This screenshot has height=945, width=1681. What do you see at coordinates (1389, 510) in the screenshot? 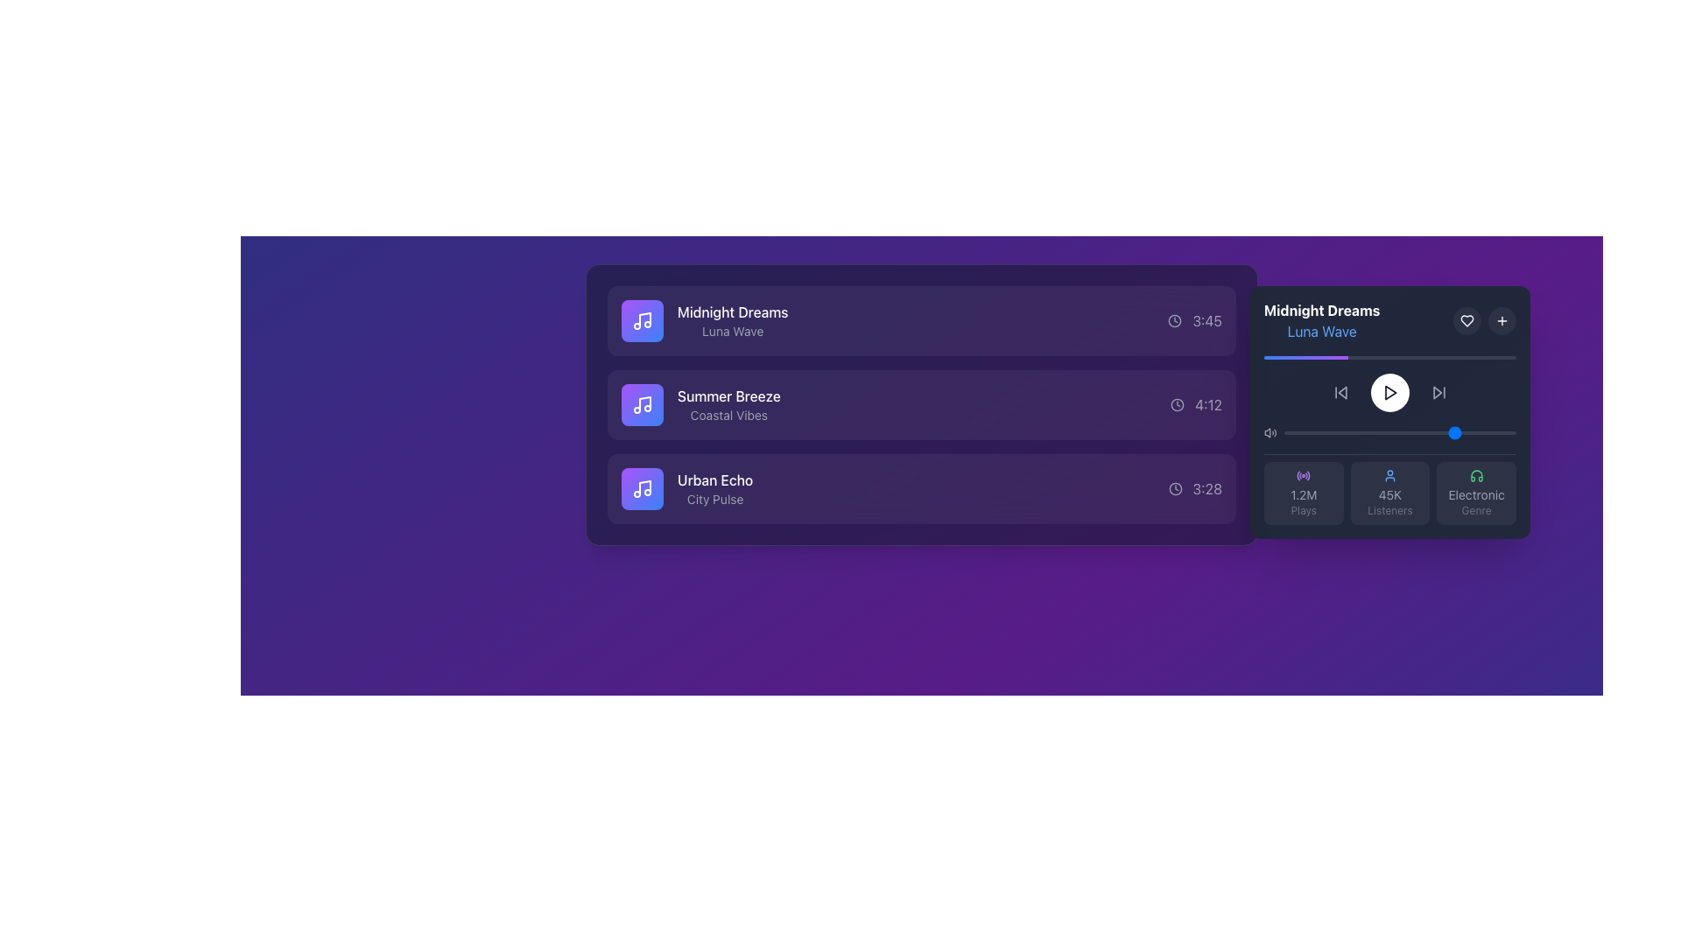
I see `the text label element that describes the number of listeners ('45K') in the music player interface, which is located under the numerical label` at bounding box center [1389, 510].